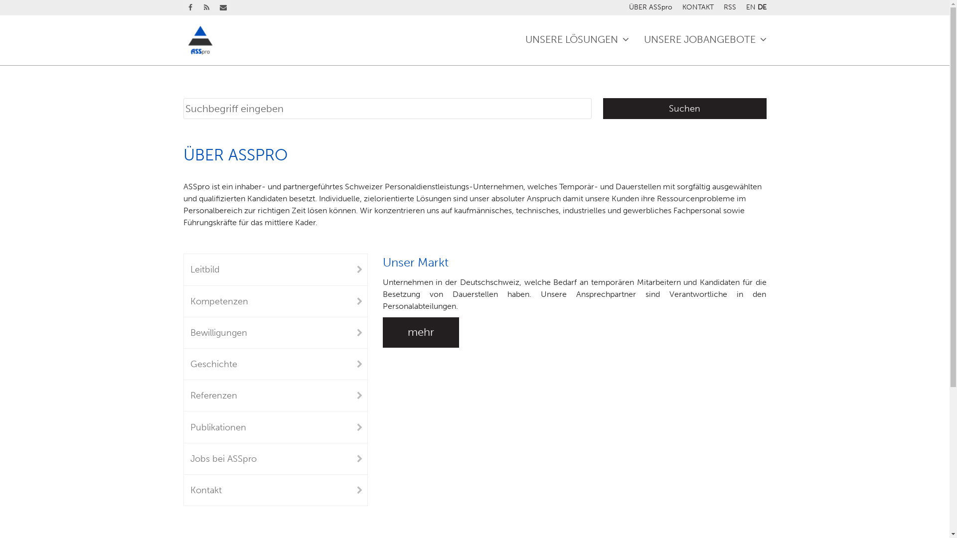 The height and width of the screenshot is (538, 957). What do you see at coordinates (704, 40) in the screenshot?
I see `'UNSERE JOBANGEBOTE'` at bounding box center [704, 40].